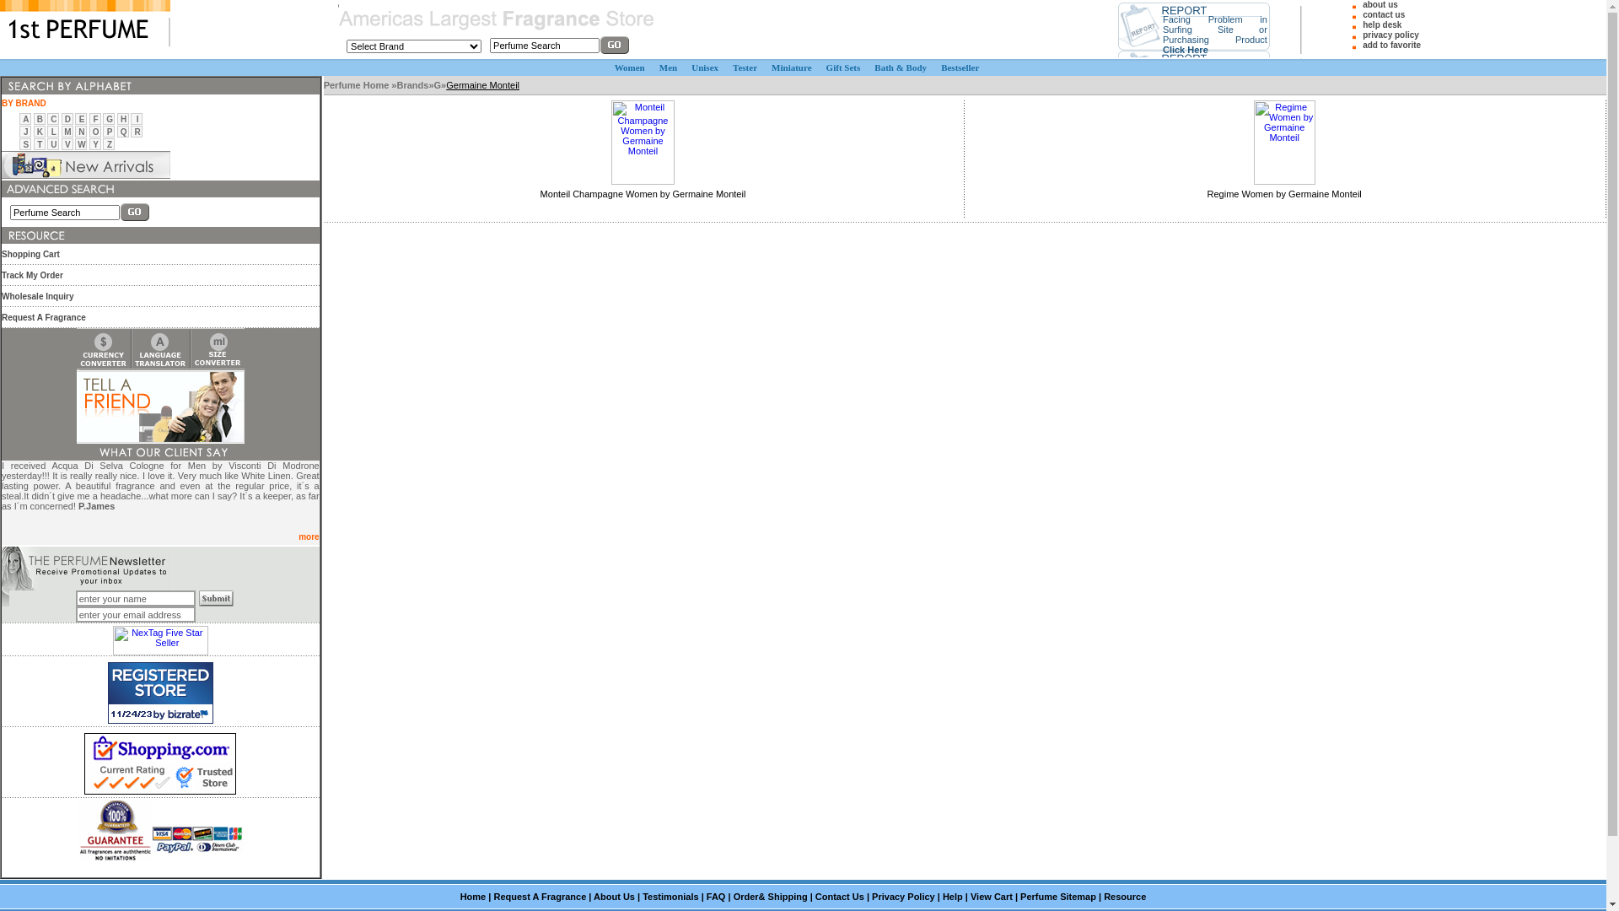  I want to click on 'more', so click(308, 536).